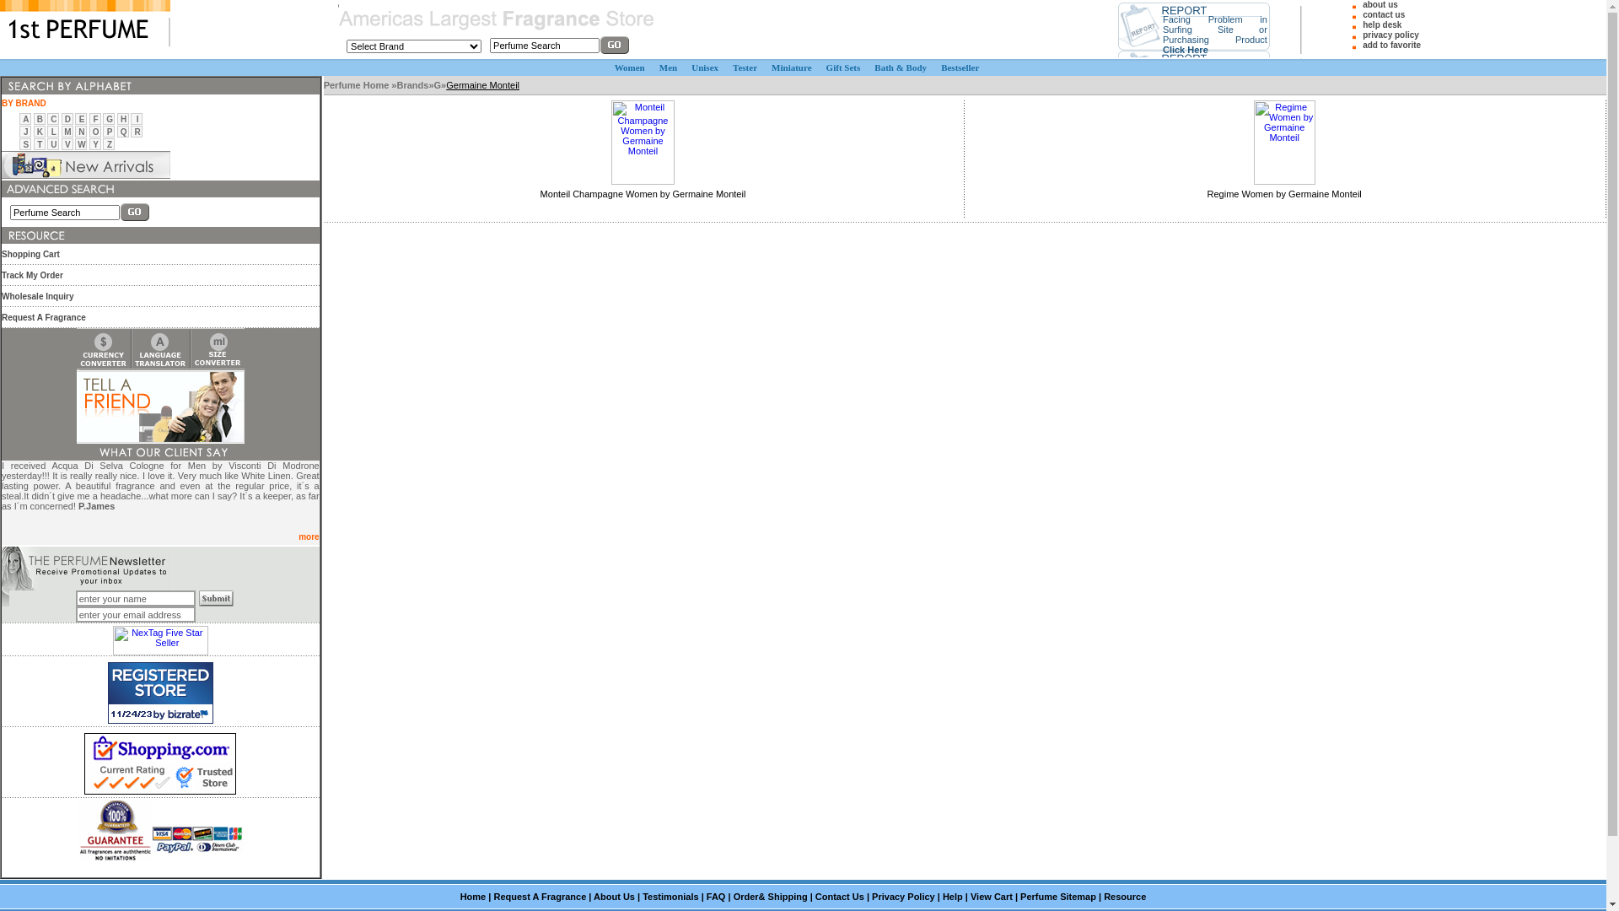  I want to click on 'more', so click(308, 536).